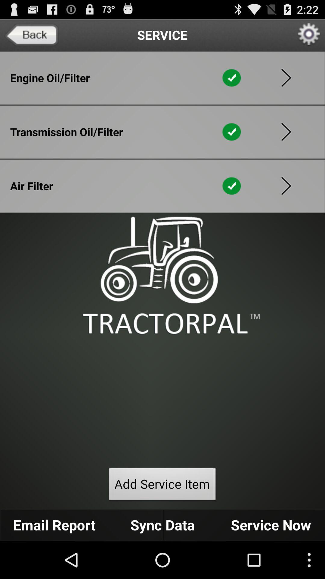 The image size is (325, 579). I want to click on next page, so click(286, 78).